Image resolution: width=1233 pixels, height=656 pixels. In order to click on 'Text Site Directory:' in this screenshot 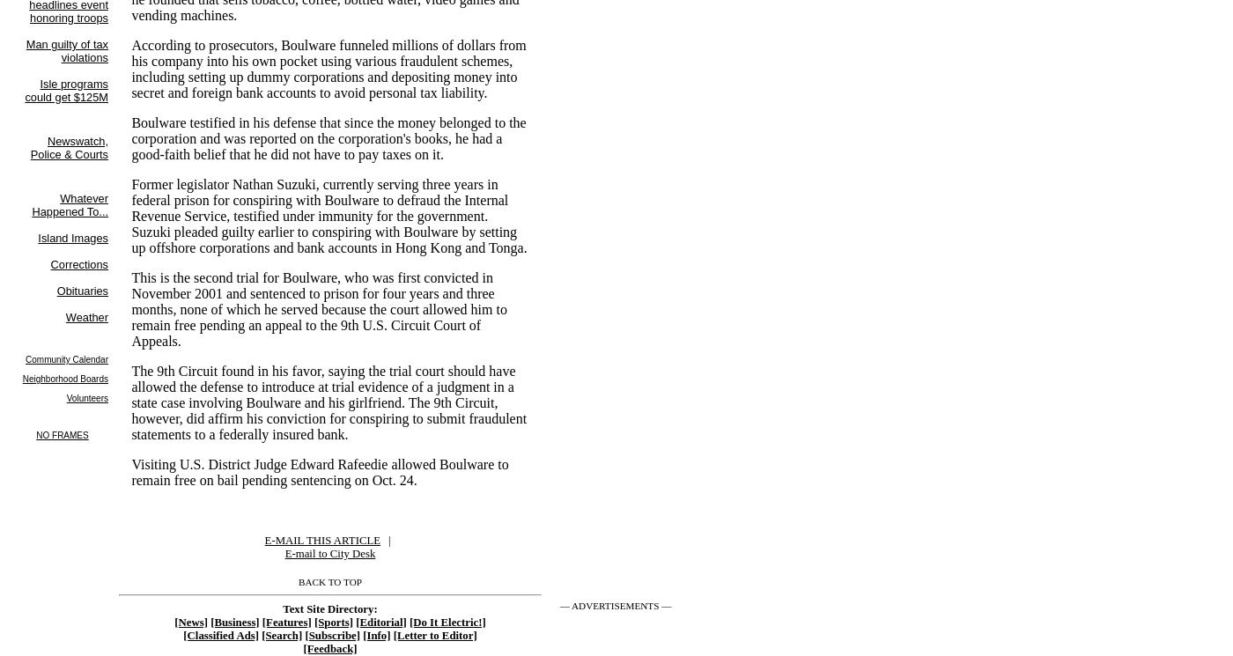, I will do `click(329, 608)`.